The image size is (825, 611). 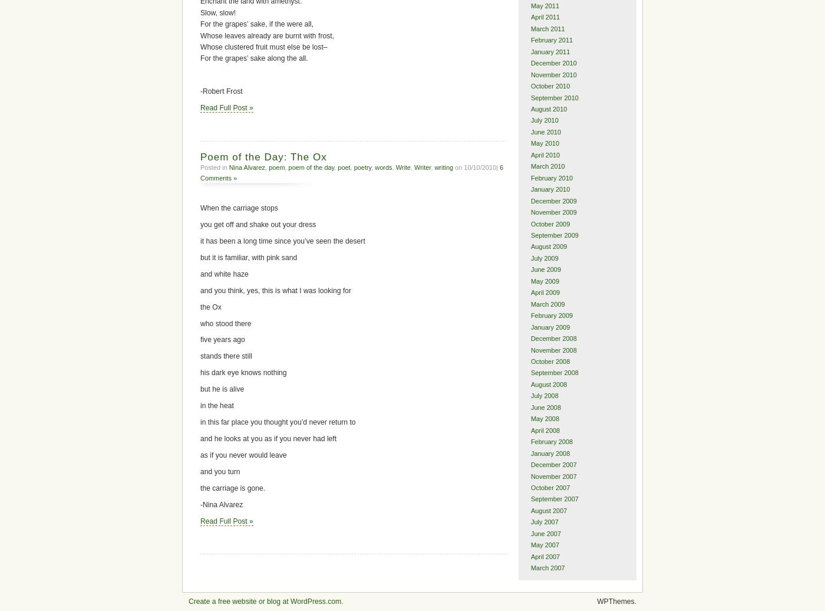 What do you see at coordinates (268, 438) in the screenshot?
I see `'and he looks at you as if you never had left'` at bounding box center [268, 438].